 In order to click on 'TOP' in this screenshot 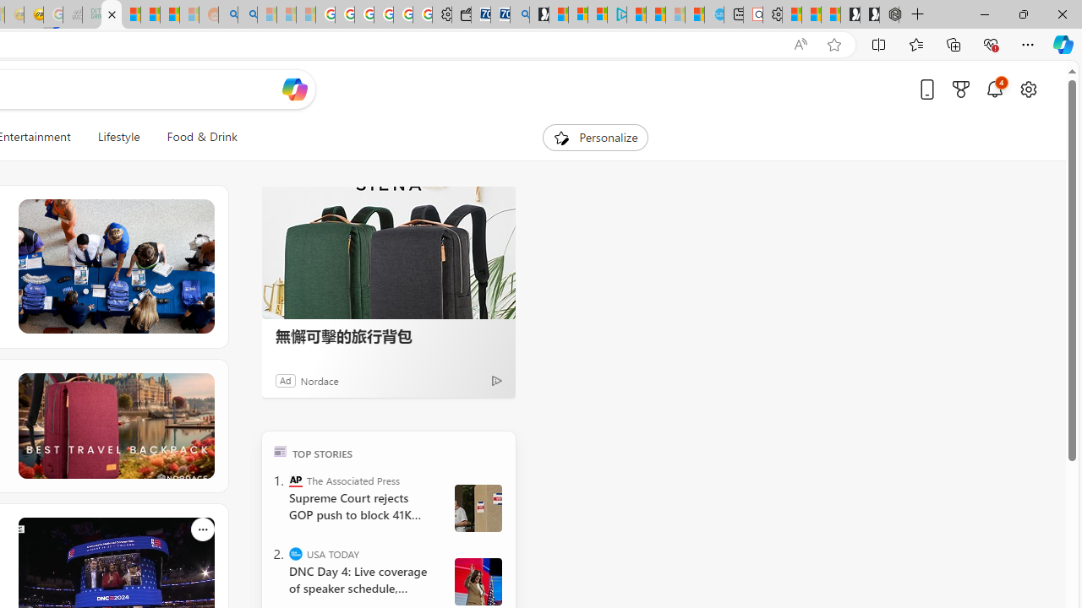, I will do `click(281, 450)`.